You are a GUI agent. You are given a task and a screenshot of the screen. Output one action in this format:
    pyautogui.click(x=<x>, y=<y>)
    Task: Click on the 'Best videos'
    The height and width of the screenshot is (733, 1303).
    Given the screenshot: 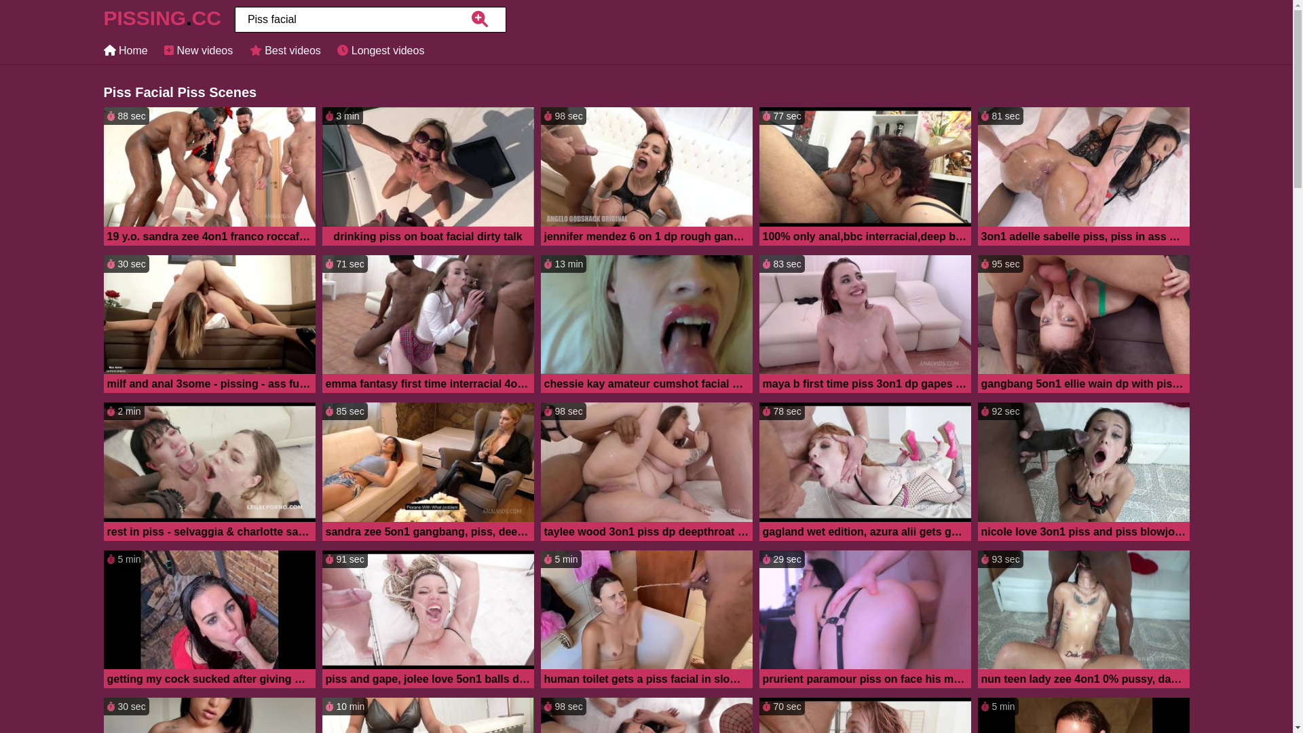 What is the action you would take?
    pyautogui.click(x=284, y=50)
    